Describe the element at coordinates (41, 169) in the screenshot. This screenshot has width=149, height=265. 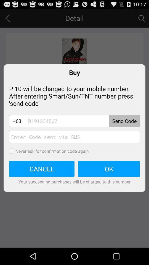
I see `icon next to ok icon` at that location.